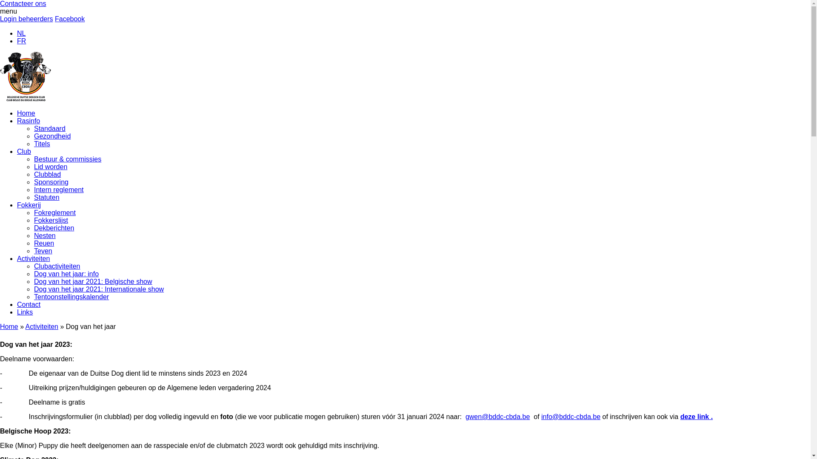  What do you see at coordinates (41, 326) in the screenshot?
I see `'Activiteiten'` at bounding box center [41, 326].